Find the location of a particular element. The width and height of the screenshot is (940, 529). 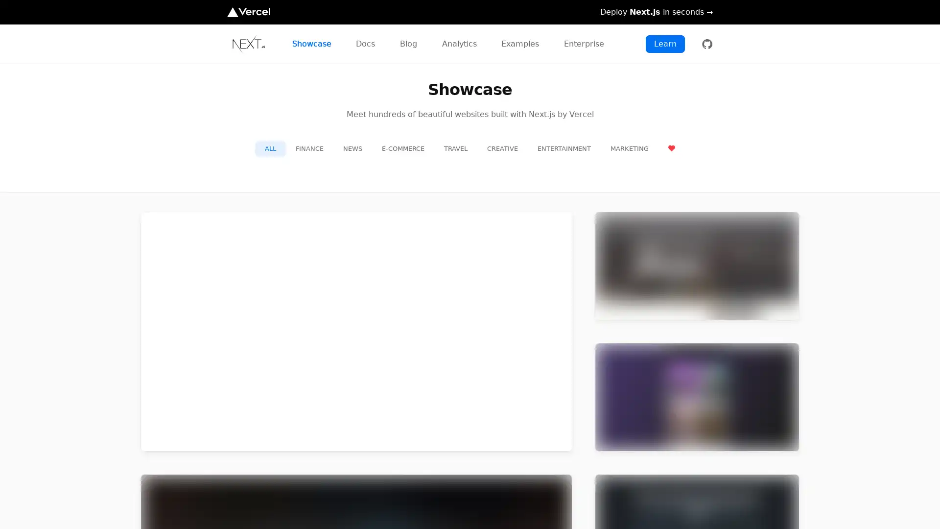

FINANCE is located at coordinates (309, 148).